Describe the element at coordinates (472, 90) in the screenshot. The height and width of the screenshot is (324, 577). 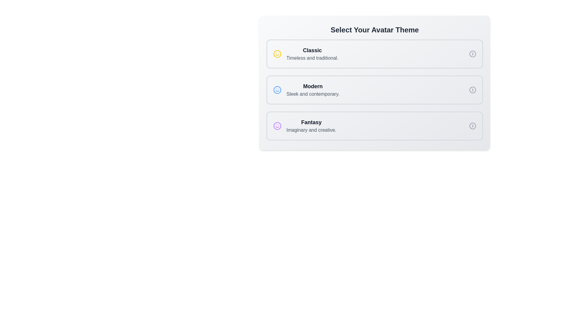
I see `the circular icon button with a right-pointing chevron at the far right end of the 'Modern' card` at that location.